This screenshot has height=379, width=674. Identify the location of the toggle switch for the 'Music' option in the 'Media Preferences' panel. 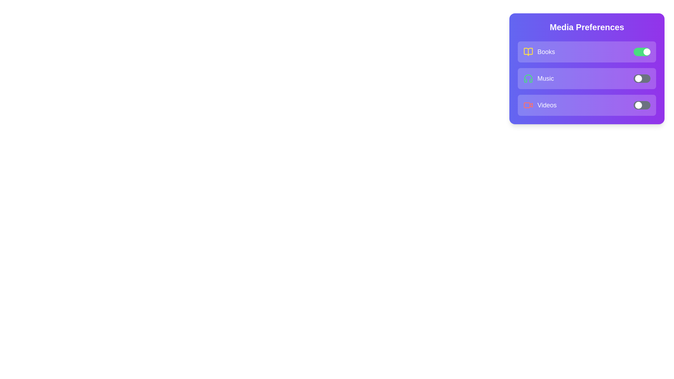
(642, 78).